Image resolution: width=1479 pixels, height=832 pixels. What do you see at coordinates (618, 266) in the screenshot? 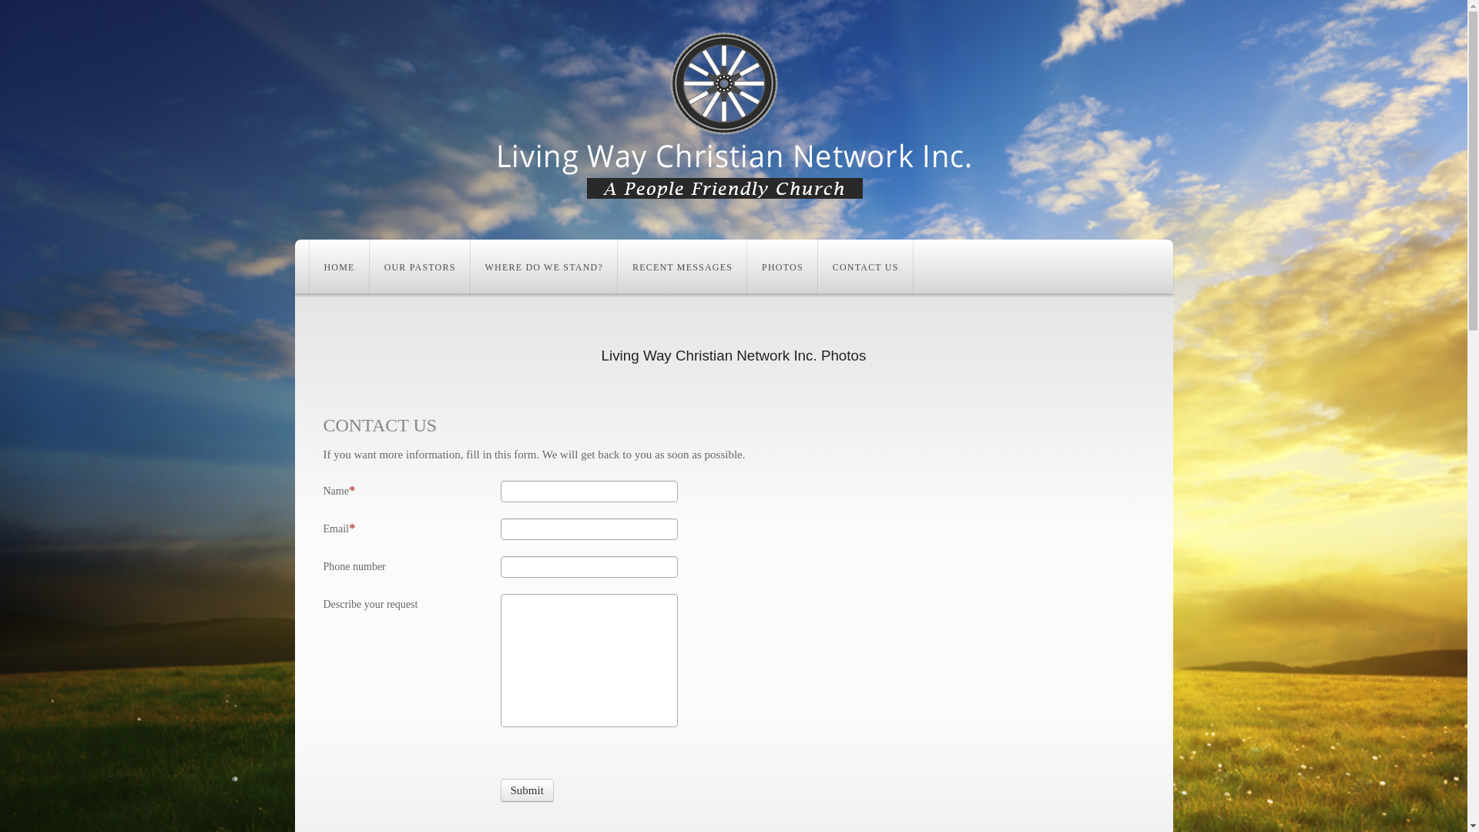
I see `'RECENT MESSAGES'` at bounding box center [618, 266].